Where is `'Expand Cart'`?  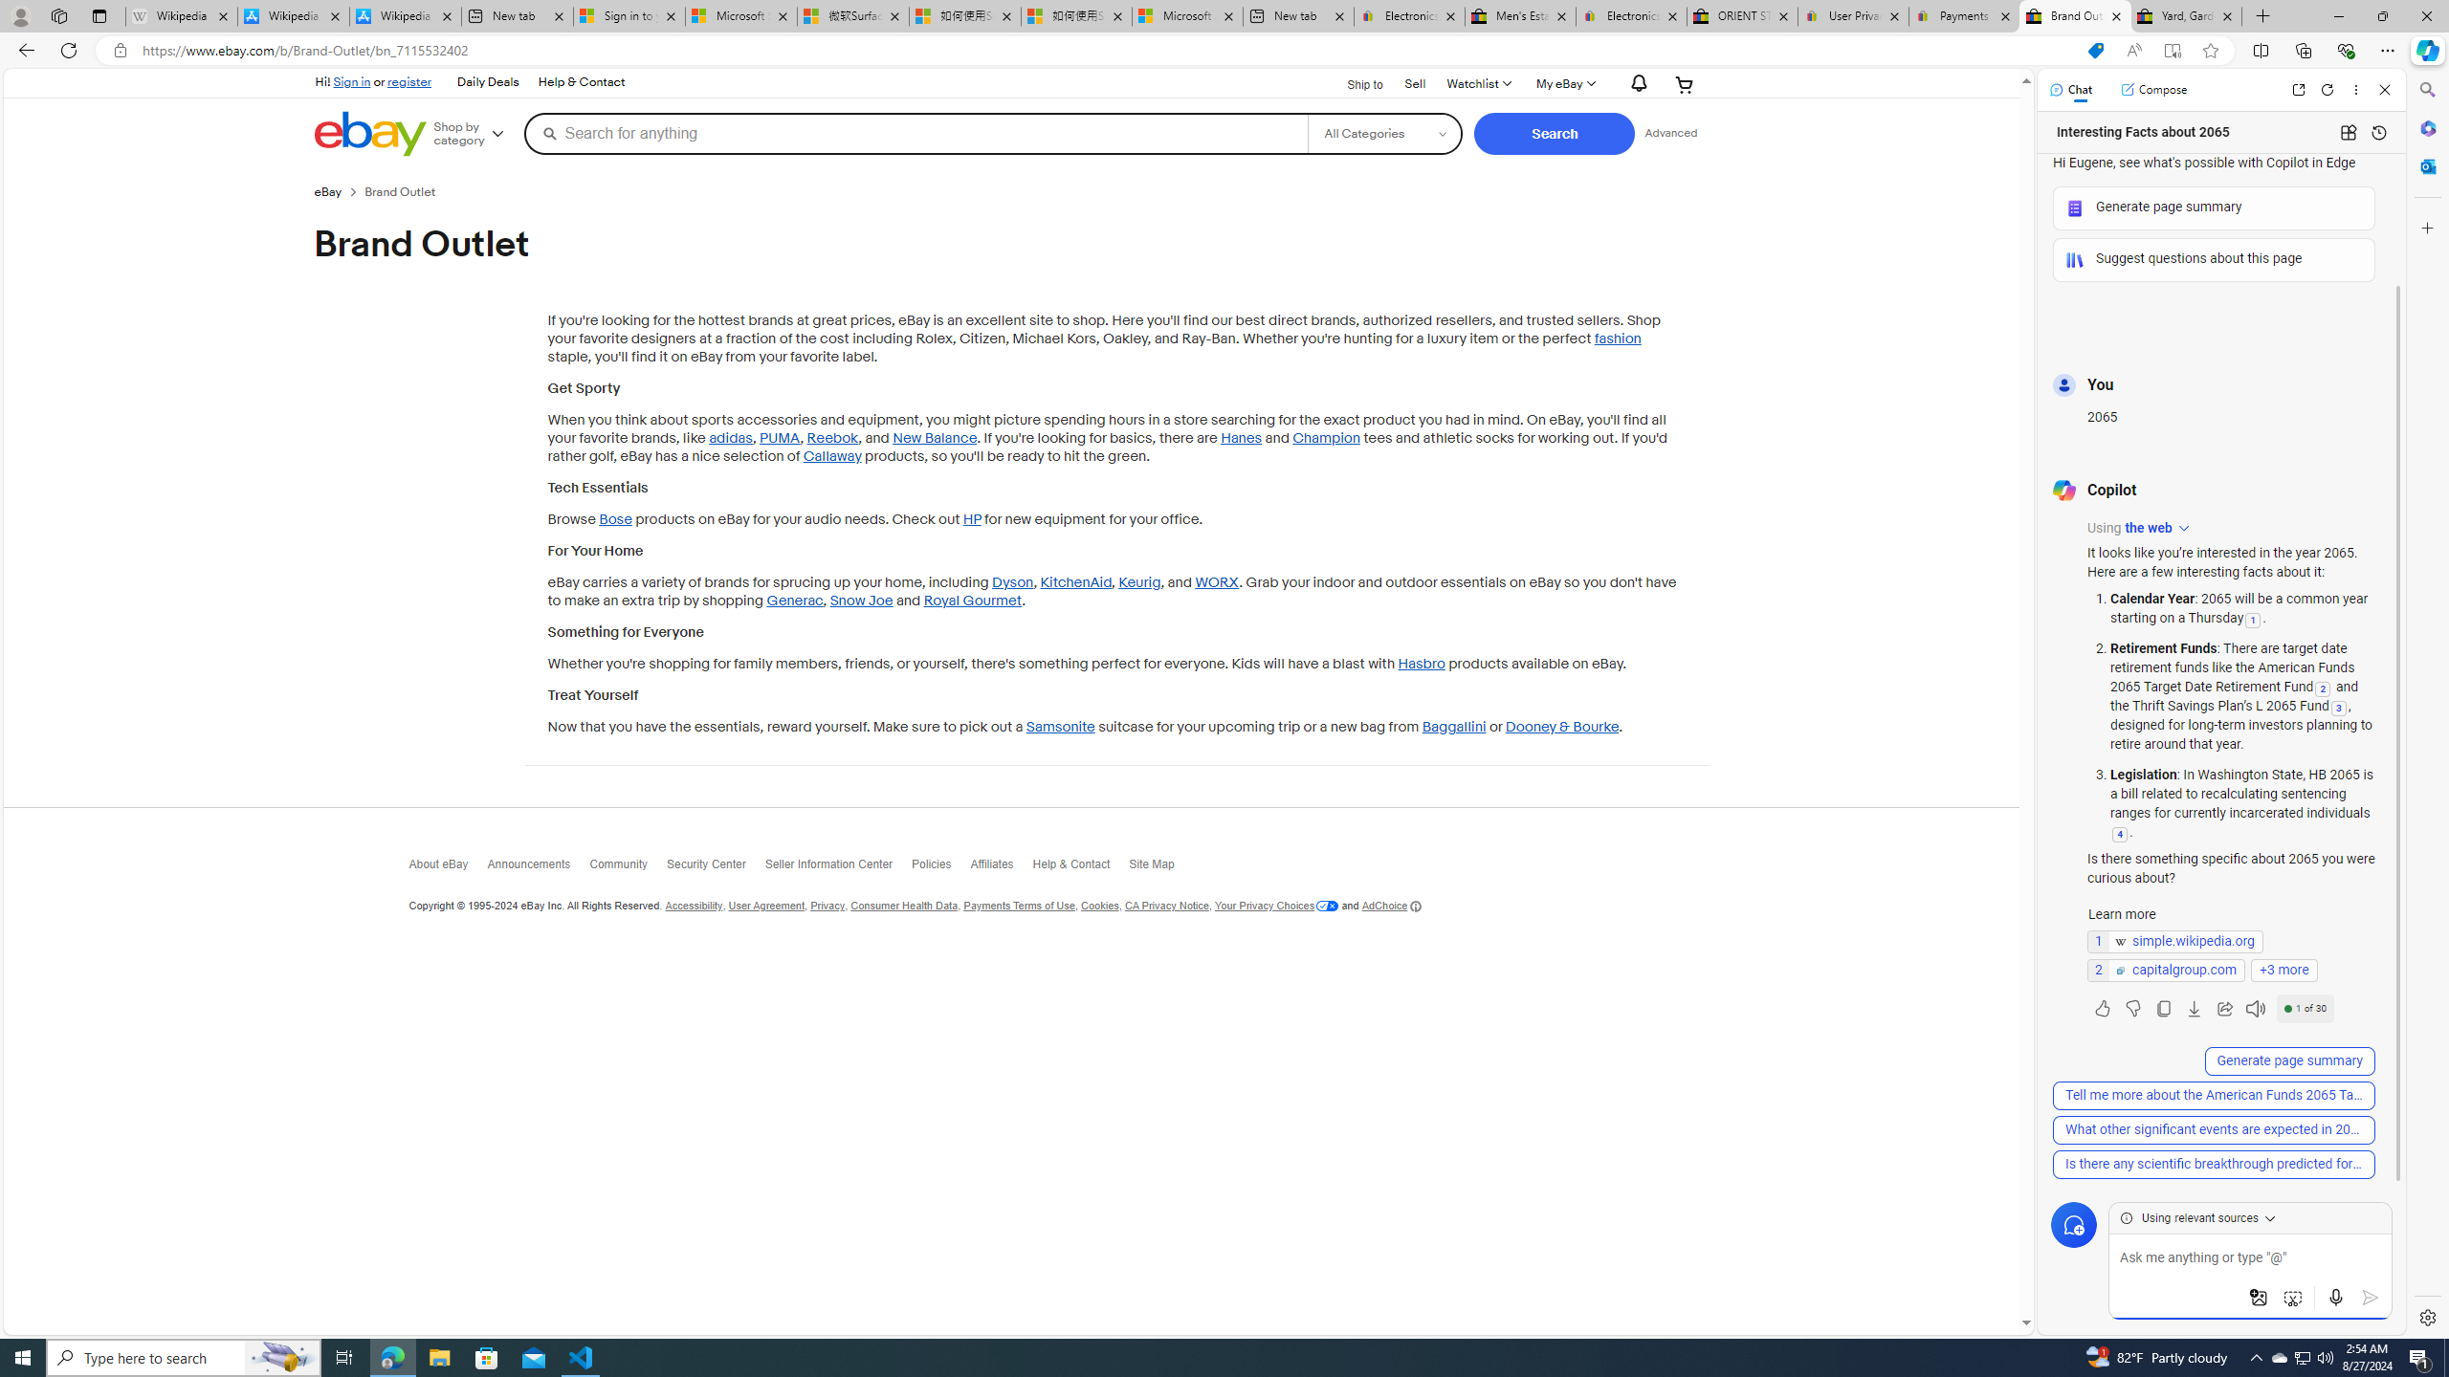
'Expand Cart' is located at coordinates (1685, 83).